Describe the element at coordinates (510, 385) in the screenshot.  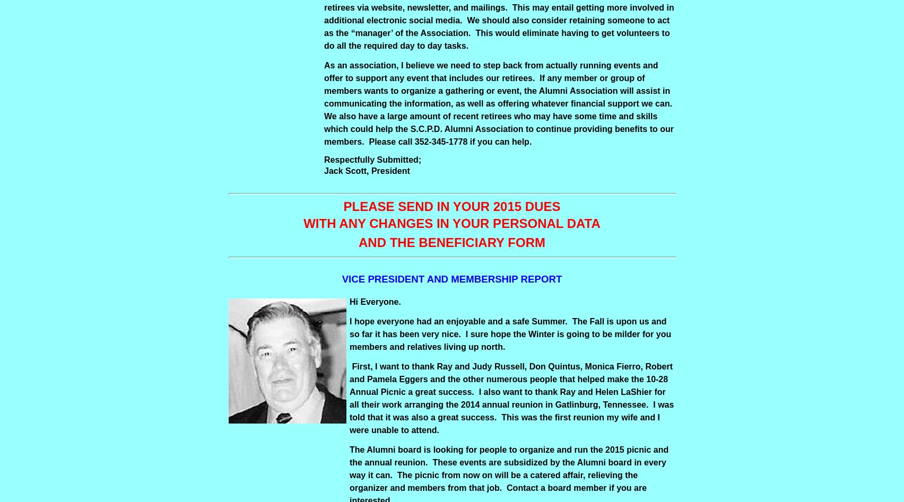
I see `'First,
I want to thank Ray and Judy Russell, Don Quintus, Monica Fierro,
Robert and Pamela Eggers and the other numerous people that helped make
the 10-28 Annual Picnic a great success.  I also want to thank Ray
and Helen LaShier for all their work arranging the 2014'` at that location.